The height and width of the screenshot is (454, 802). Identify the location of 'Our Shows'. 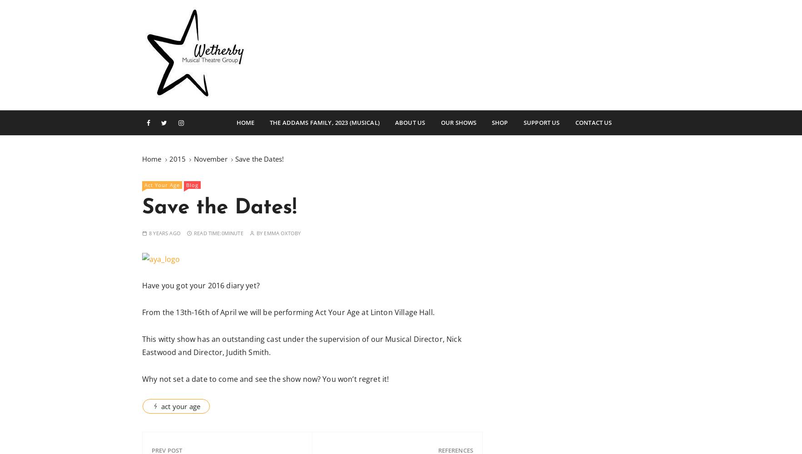
(440, 123).